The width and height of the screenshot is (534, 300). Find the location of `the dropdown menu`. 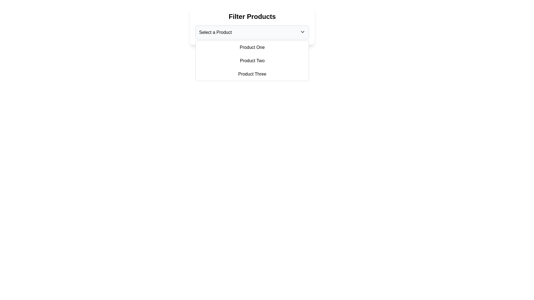

the dropdown menu is located at coordinates (252, 61).